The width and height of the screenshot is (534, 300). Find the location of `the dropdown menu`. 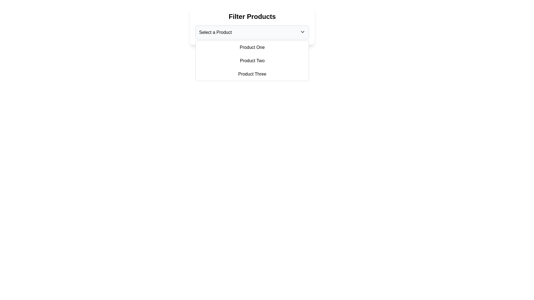

the dropdown menu is located at coordinates (252, 61).